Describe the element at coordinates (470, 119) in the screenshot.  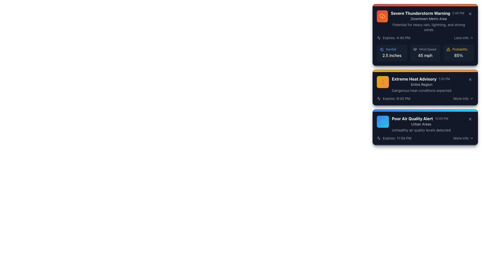
I see `the small gray 'X' button in the top-right corner of the 'Poor Air Quality Alert' notification card` at that location.